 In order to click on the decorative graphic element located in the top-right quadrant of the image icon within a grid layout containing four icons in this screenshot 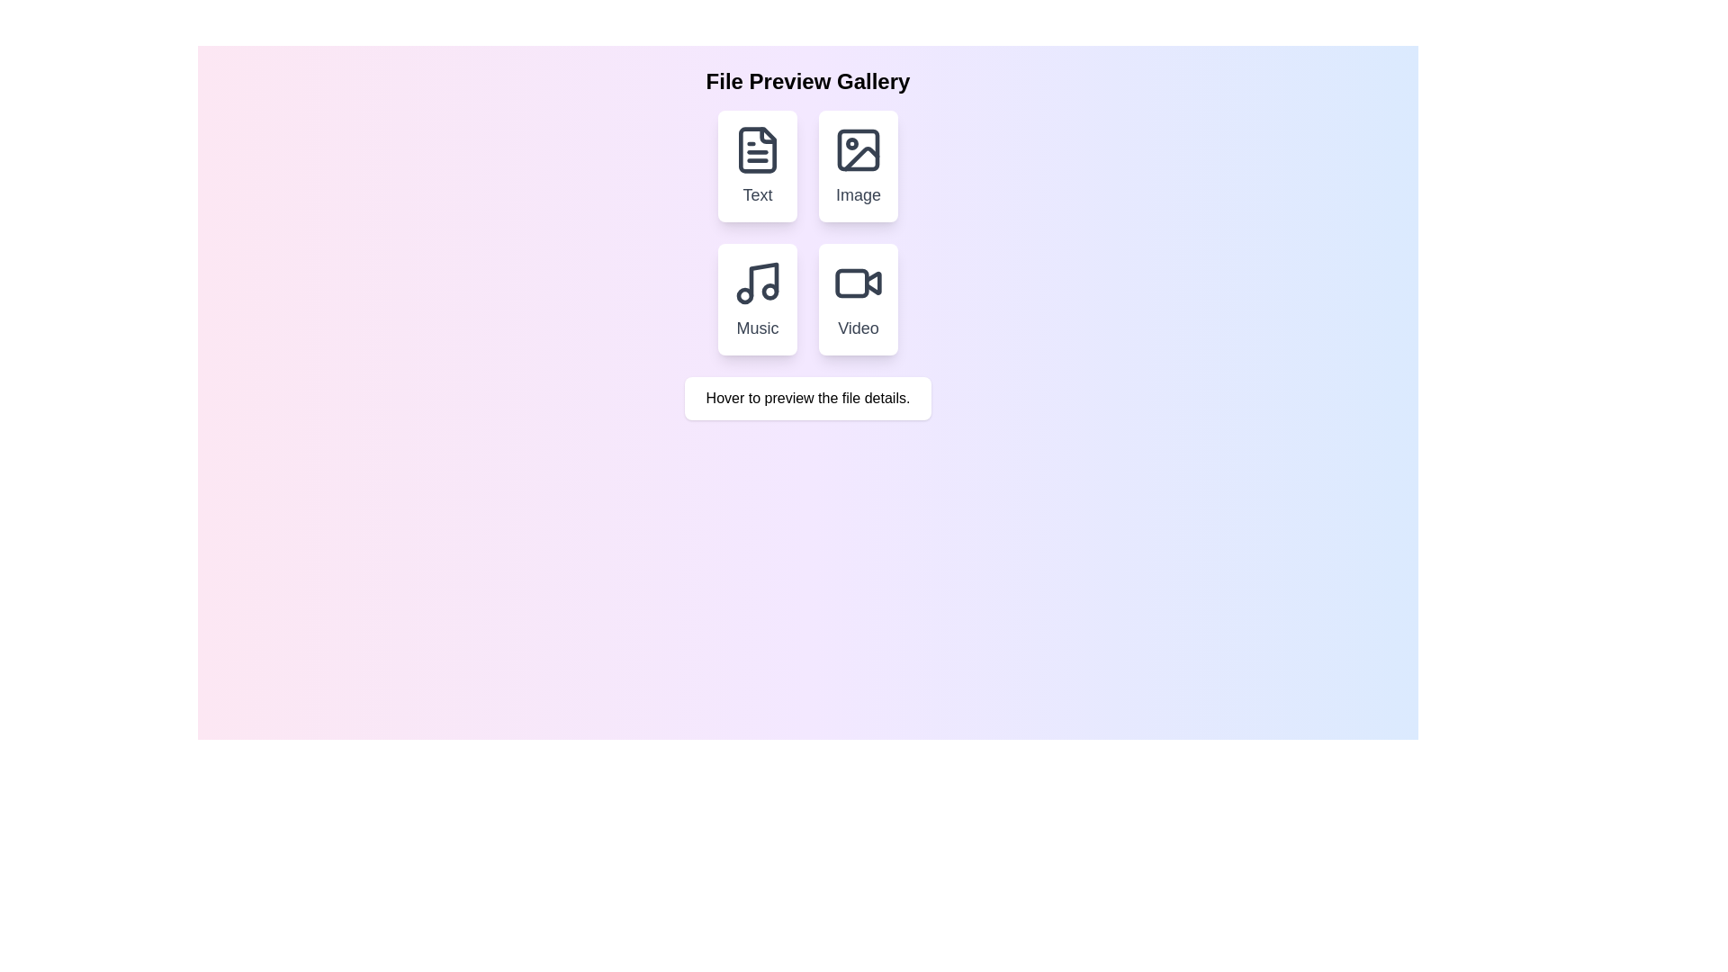, I will do `click(850, 142)`.